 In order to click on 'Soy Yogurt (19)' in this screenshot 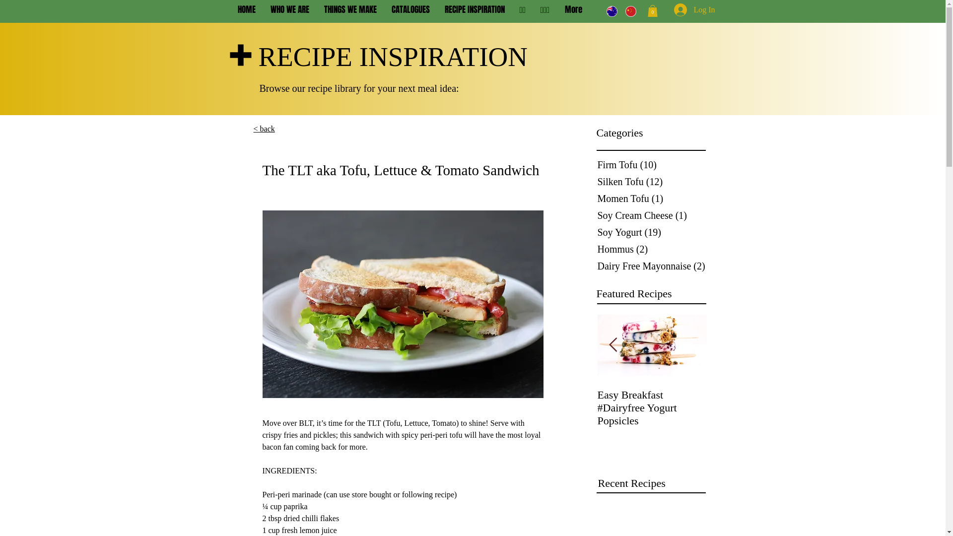, I will do `click(653, 232)`.